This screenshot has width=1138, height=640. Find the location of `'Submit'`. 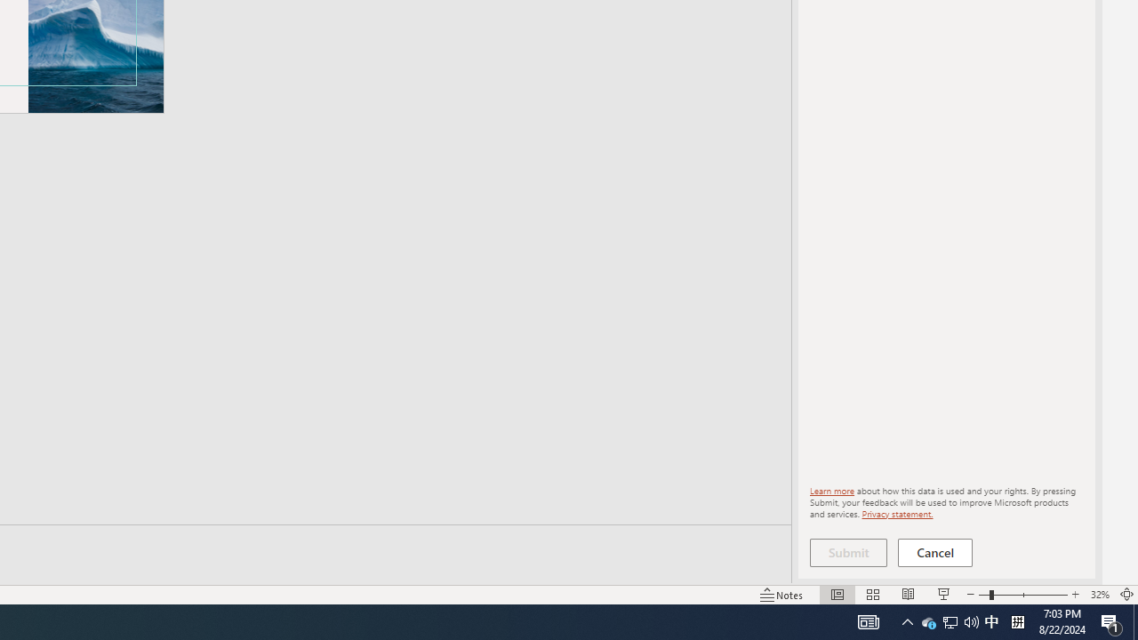

'Submit' is located at coordinates (847, 552).